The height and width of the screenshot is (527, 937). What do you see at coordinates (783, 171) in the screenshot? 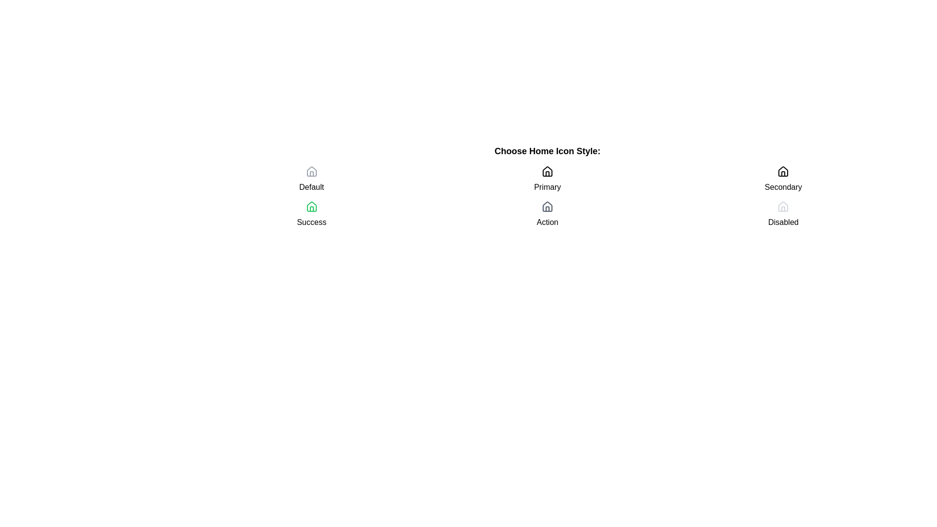
I see `the house icon representing the 'Secondary' style option` at bounding box center [783, 171].